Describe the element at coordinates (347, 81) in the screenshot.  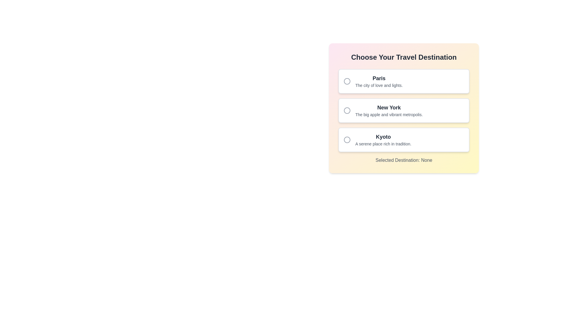
I see `the Circle Indicator in the SVG Radio Button` at that location.